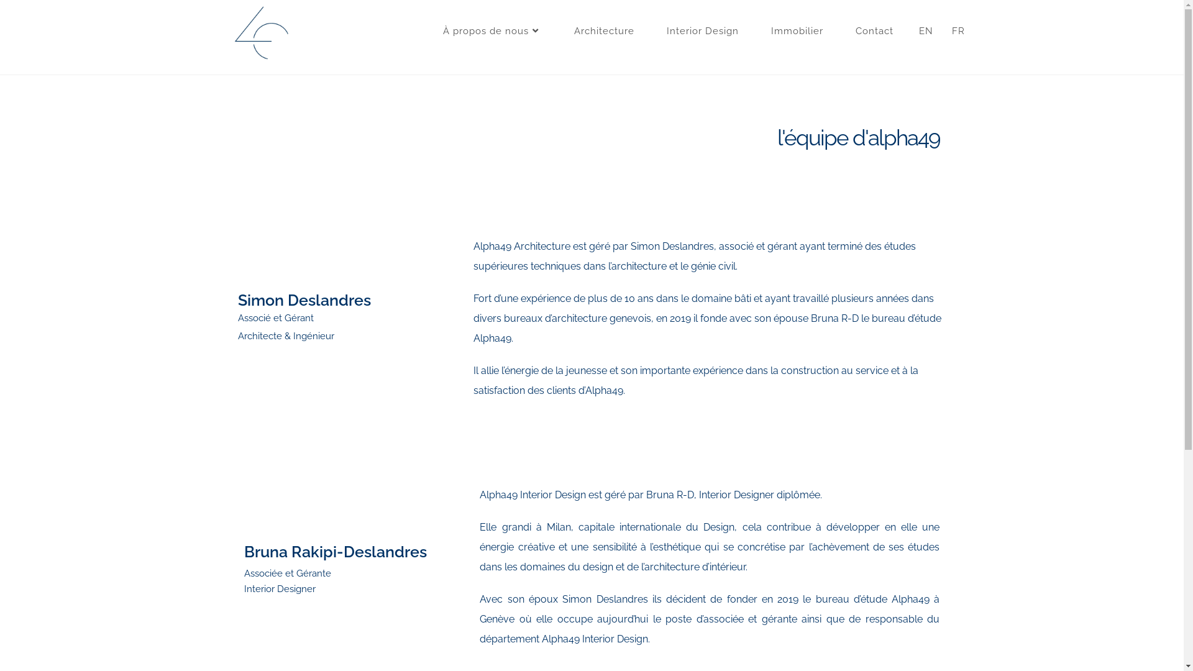 The width and height of the screenshot is (1193, 671). I want to click on 'Immobilier', so click(796, 30).